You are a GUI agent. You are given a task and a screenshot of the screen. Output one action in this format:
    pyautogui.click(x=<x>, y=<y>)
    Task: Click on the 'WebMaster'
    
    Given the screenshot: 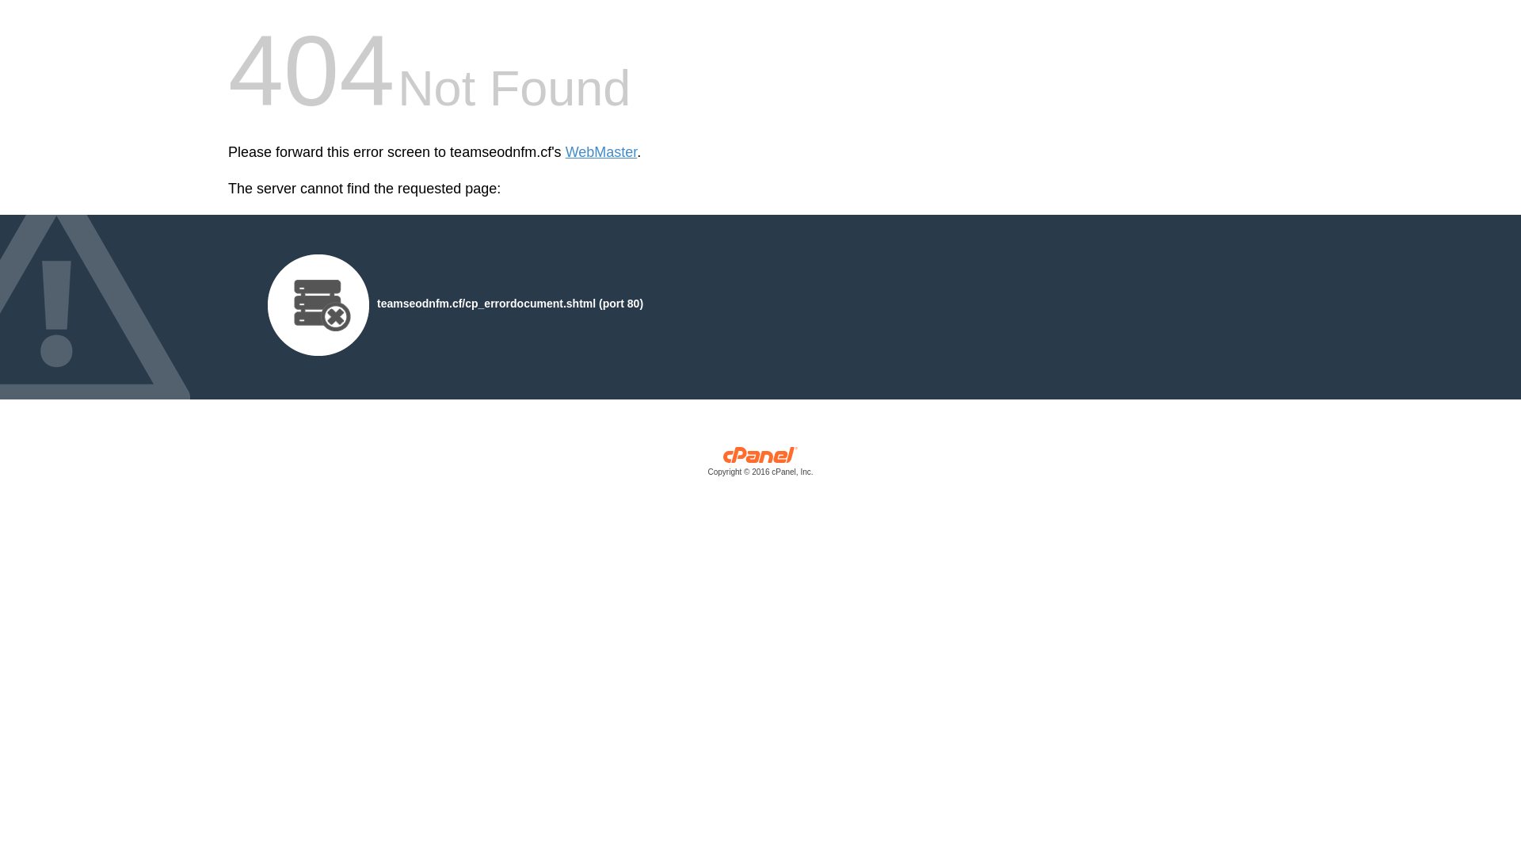 What is the action you would take?
    pyautogui.click(x=600, y=152)
    